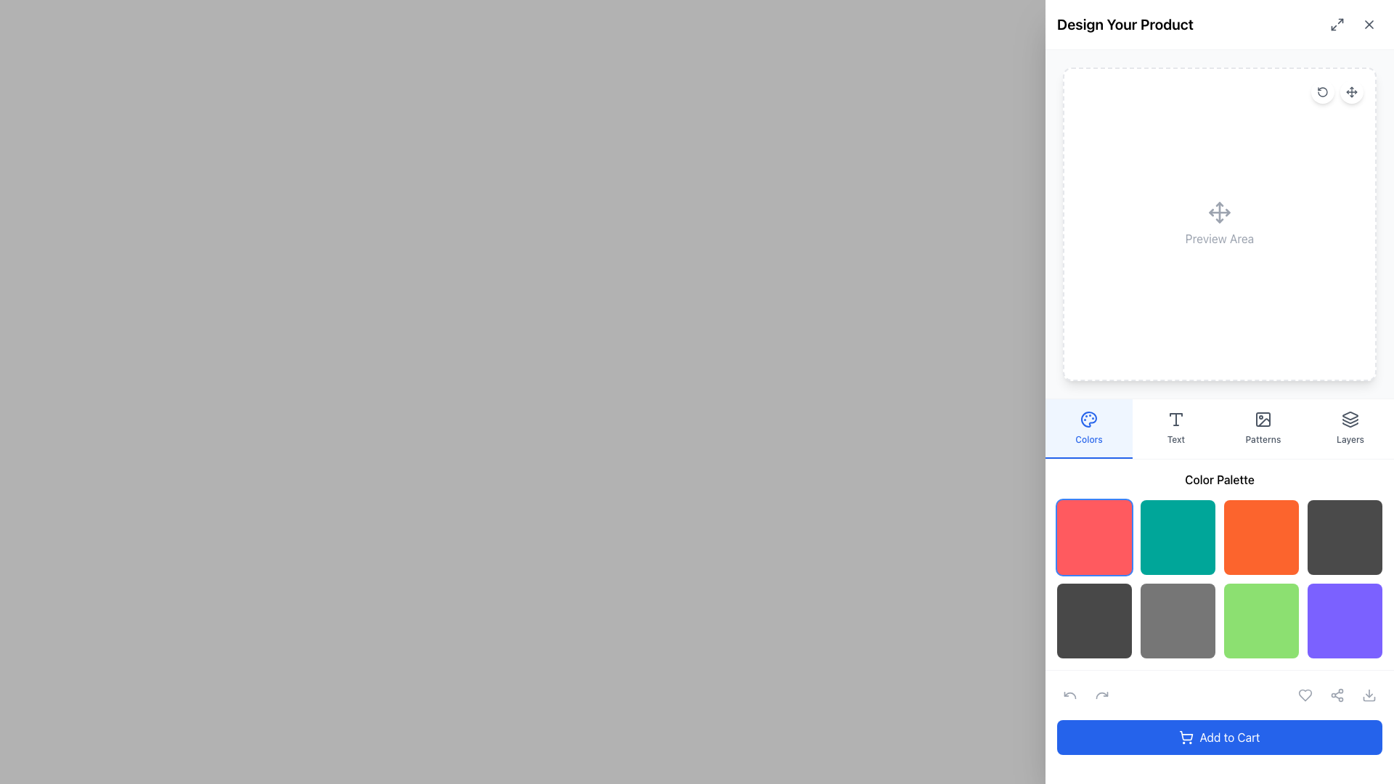 The height and width of the screenshot is (784, 1394). What do you see at coordinates (1337, 25) in the screenshot?
I see `the gray outward-pointing arrow icon located in the top-right corner of the 'Design Your Product' panel to trigger potential tooltip or visual feedback` at bounding box center [1337, 25].